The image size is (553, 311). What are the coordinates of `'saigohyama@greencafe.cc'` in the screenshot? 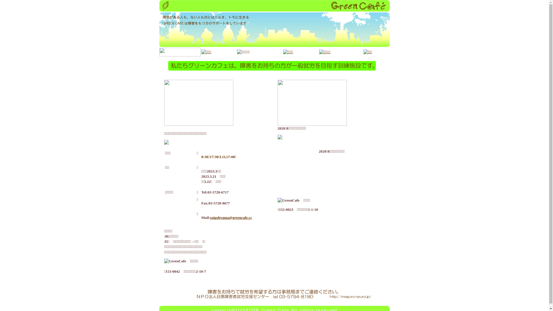 It's located at (231, 217).